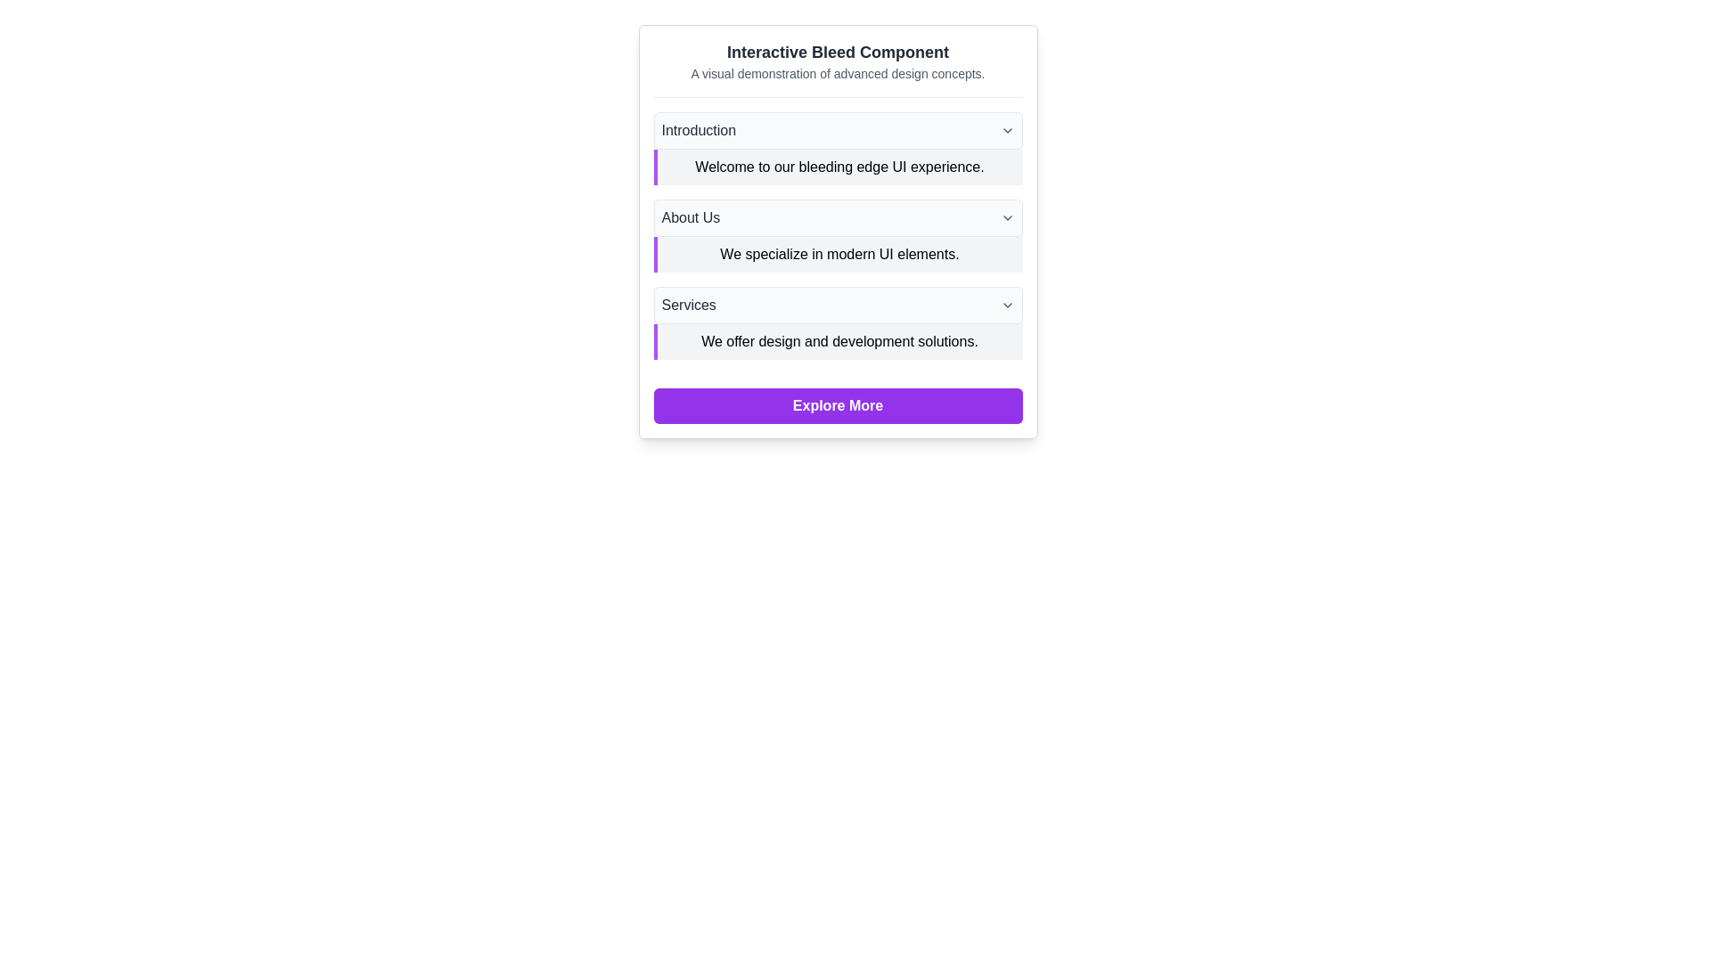  I want to click on the chevron in the 'Services' Expandable Section, so click(837, 322).